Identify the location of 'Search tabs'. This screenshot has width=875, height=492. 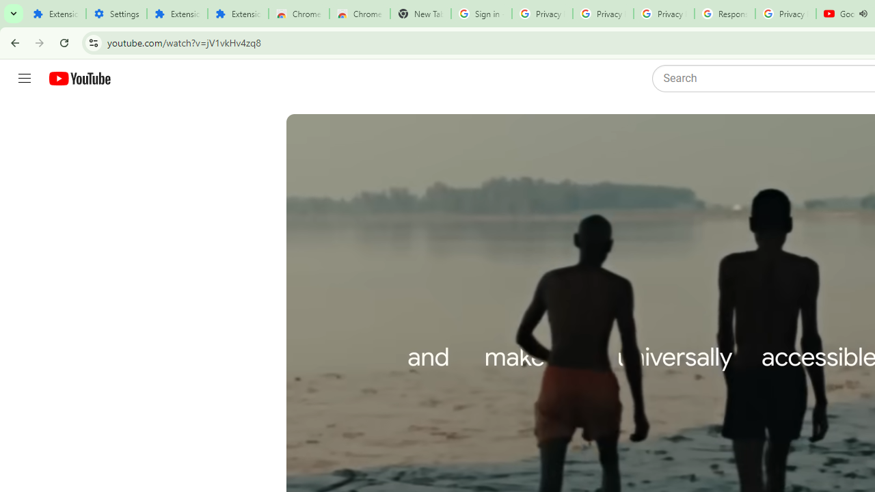
(14, 14).